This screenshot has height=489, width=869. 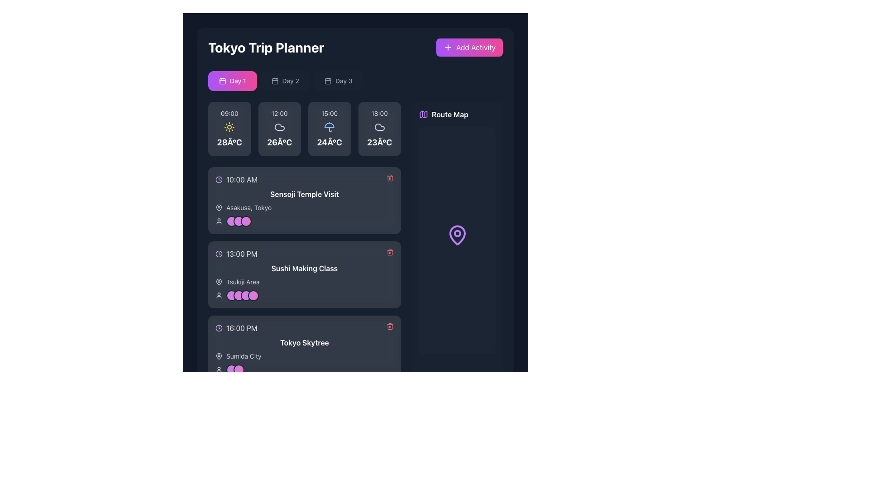 What do you see at coordinates (239, 295) in the screenshot?
I see `the second circular Profile indicator representing the user associated with the 'Sushi Making Class' event, located next to the time entry '13:00 PM'` at bounding box center [239, 295].